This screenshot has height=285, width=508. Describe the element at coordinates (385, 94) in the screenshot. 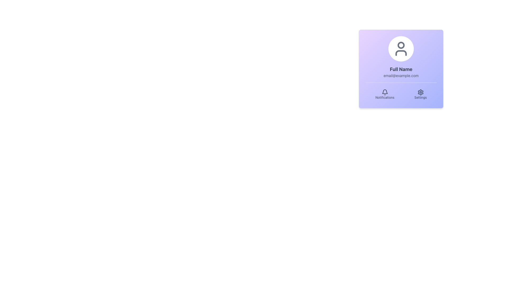

I see `the button located on the bottom left of the user information area, which is adjacent to the 'Settings' element and has a hover effect` at that location.